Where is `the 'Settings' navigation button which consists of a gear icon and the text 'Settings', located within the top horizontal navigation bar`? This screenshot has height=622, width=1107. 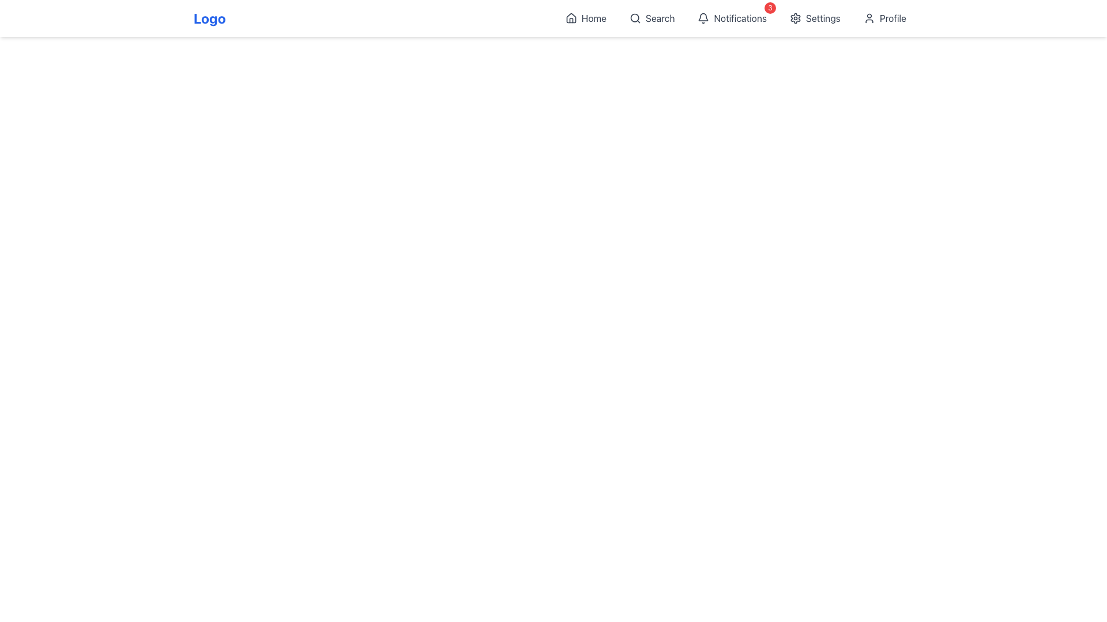
the 'Settings' navigation button which consists of a gear icon and the text 'Settings', located within the top horizontal navigation bar is located at coordinates (814, 18).